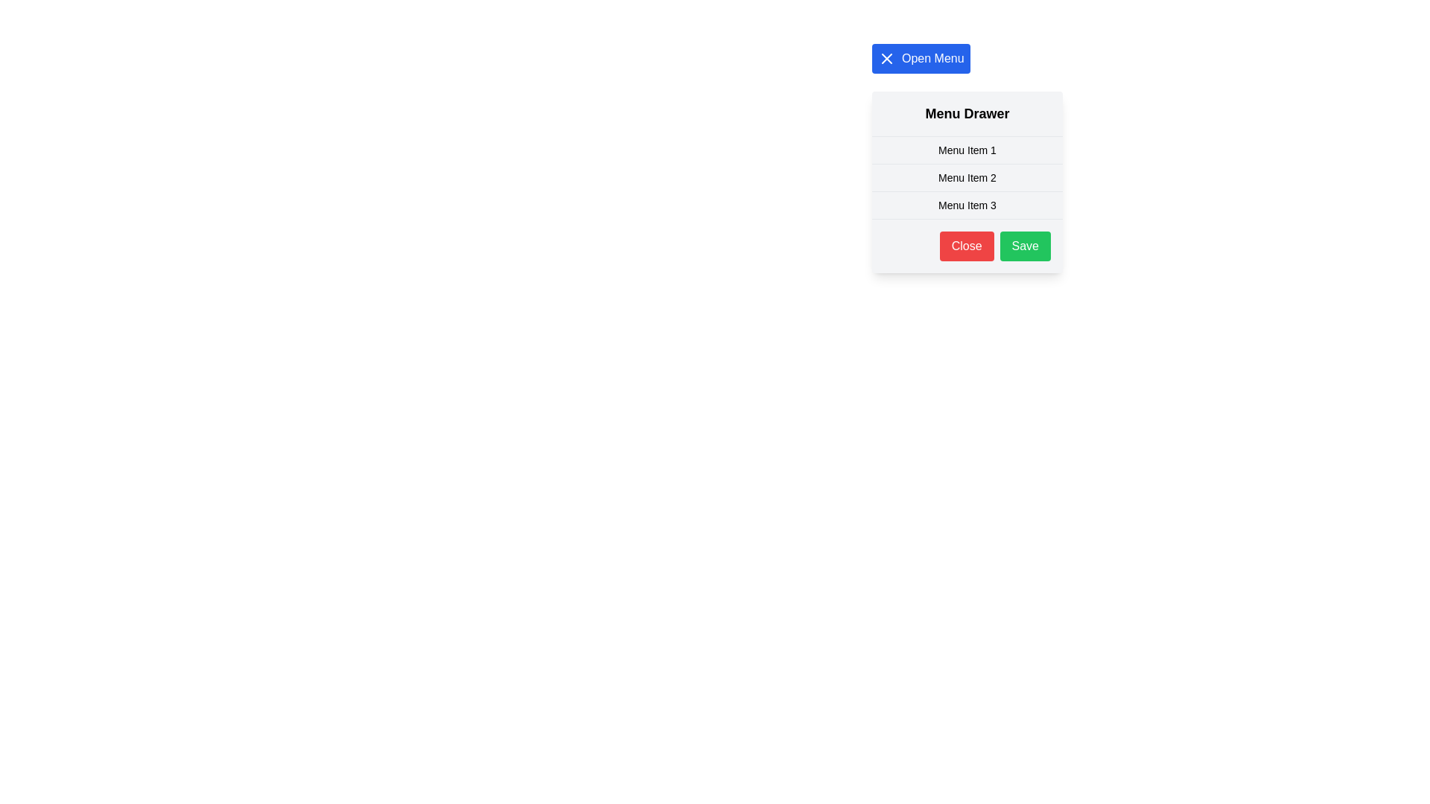 This screenshot has height=804, width=1430. I want to click on the 'Open Menu' button with a blue background and white text located at the top-left corner of the menu interface, so click(920, 57).